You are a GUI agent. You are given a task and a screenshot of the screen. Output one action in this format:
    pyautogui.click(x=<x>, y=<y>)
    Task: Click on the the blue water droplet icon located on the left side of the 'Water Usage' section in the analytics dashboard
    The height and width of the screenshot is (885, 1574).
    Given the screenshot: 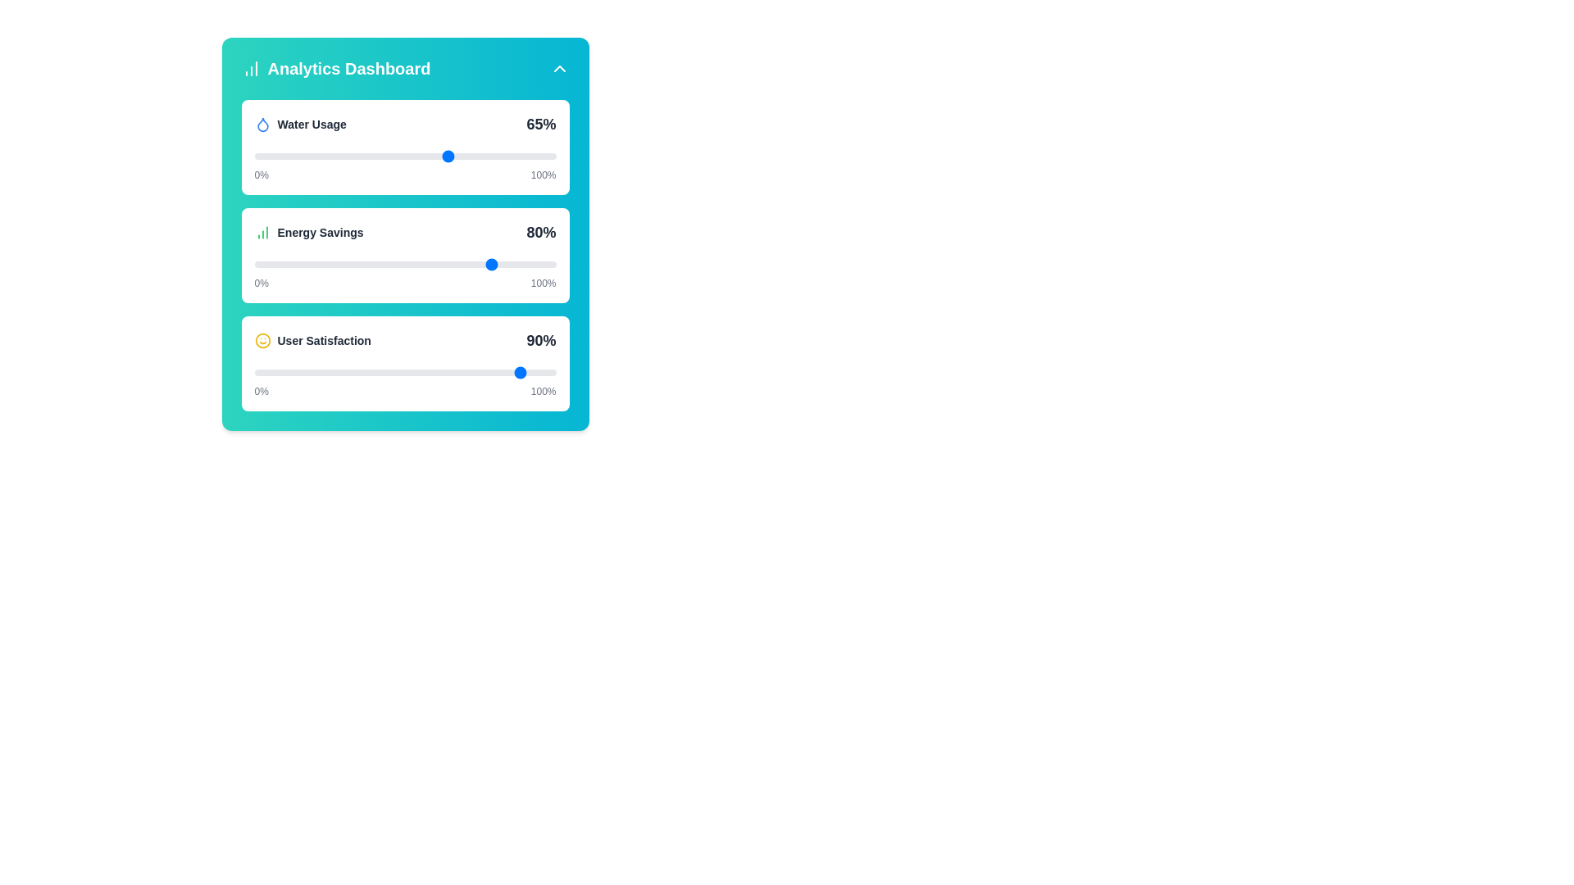 What is the action you would take?
    pyautogui.click(x=262, y=123)
    